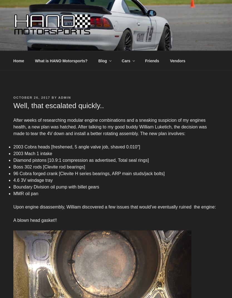 This screenshot has height=298, width=232. What do you see at coordinates (54, 97) in the screenshot?
I see `'by'` at bounding box center [54, 97].